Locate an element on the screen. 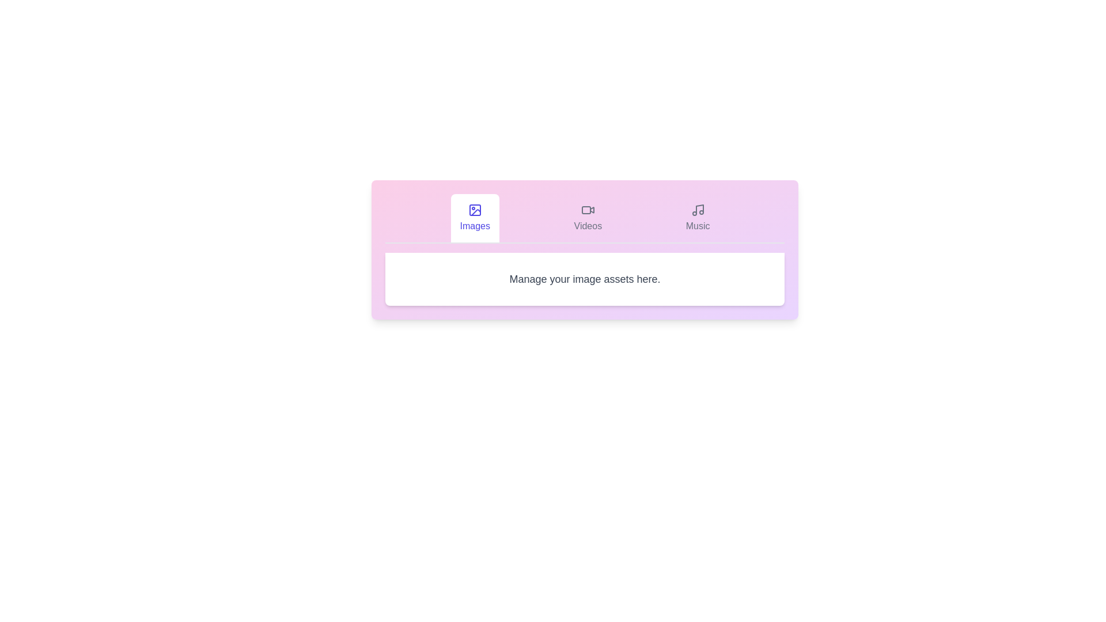 Image resolution: width=1106 pixels, height=622 pixels. the tab labeled Videos to view its tooltip is located at coordinates (588, 218).